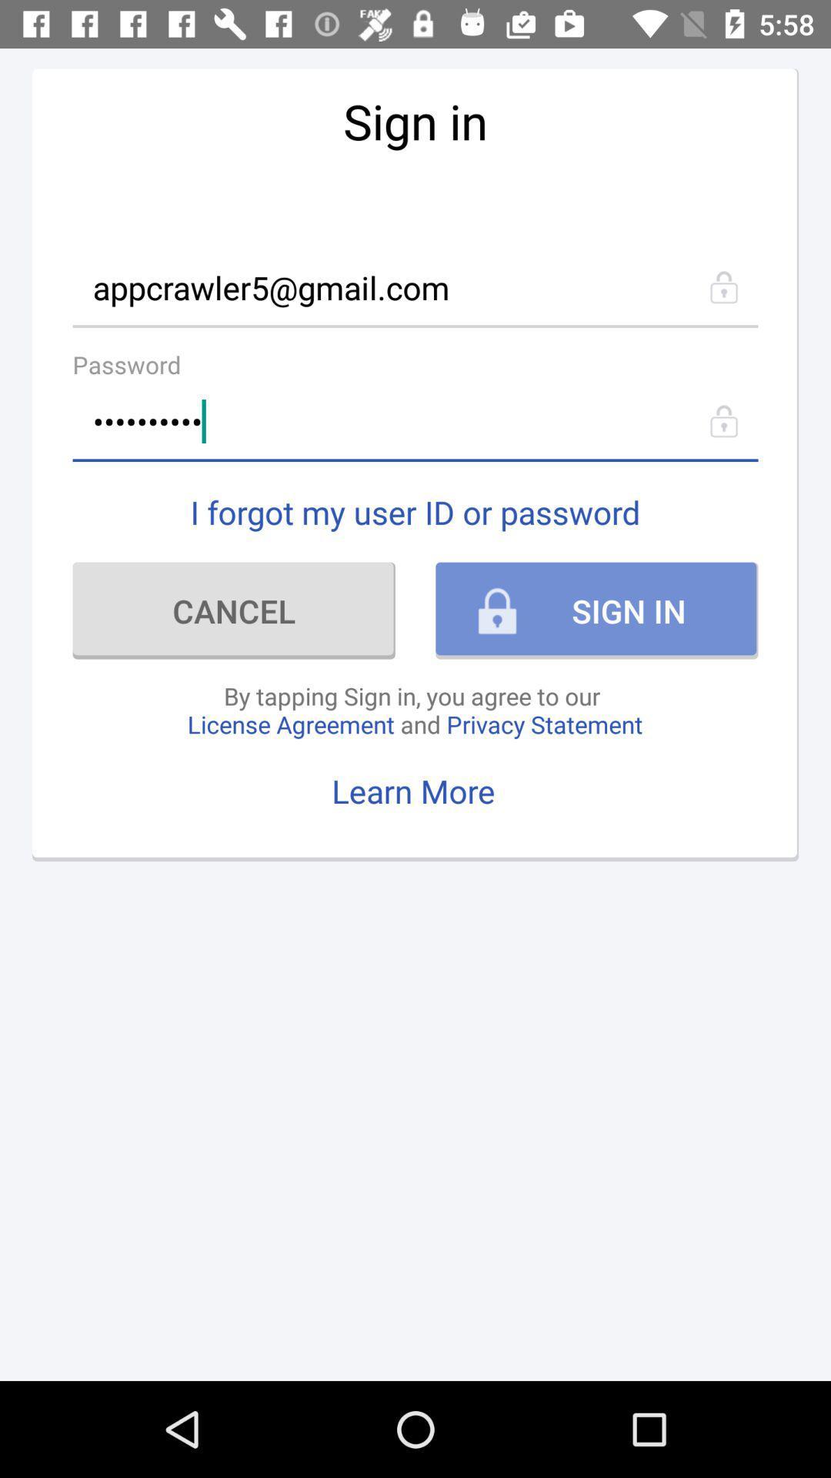 Image resolution: width=831 pixels, height=1478 pixels. What do you see at coordinates (415, 421) in the screenshot?
I see `the icon above the i forgot my icon` at bounding box center [415, 421].